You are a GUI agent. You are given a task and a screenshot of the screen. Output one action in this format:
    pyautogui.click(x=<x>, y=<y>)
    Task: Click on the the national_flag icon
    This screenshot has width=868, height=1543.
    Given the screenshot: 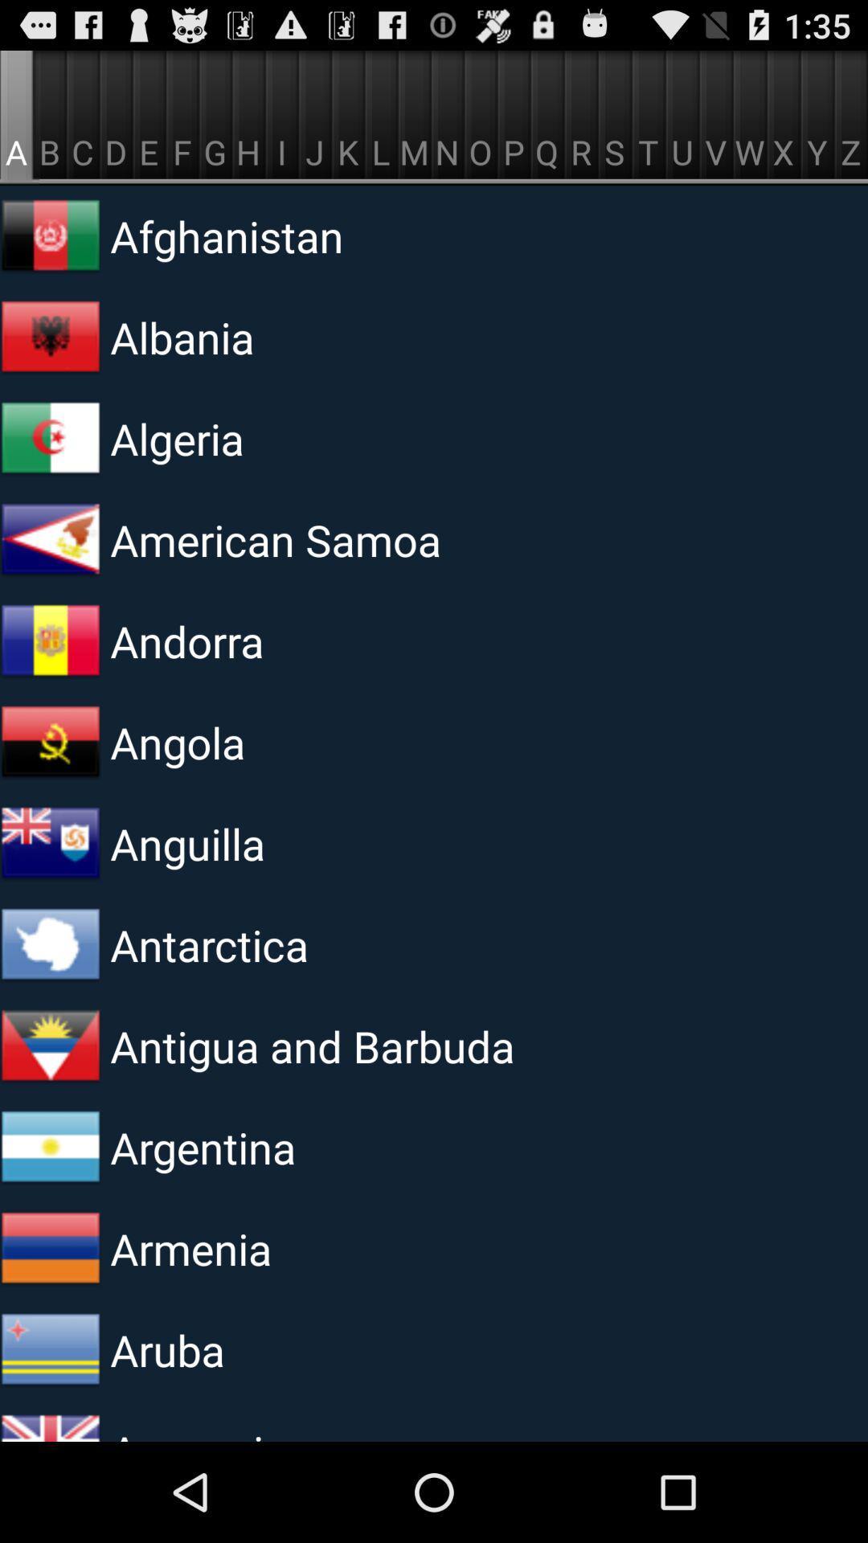 What is the action you would take?
    pyautogui.click(x=49, y=252)
    